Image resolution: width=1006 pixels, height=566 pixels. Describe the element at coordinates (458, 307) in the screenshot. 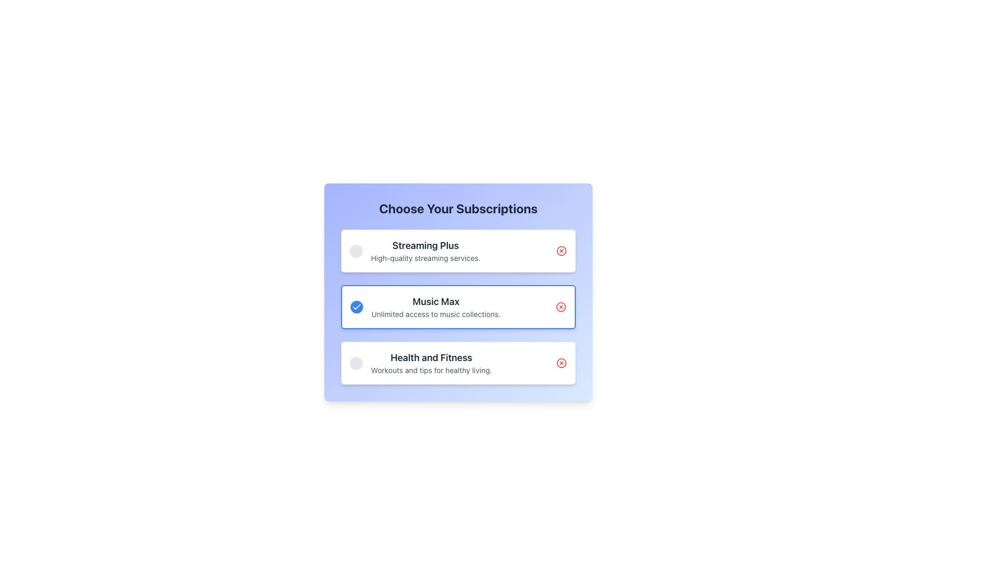

I see `text content of the selectable option labeled 'Music Max', which is the second option in a vertical stack of options` at that location.